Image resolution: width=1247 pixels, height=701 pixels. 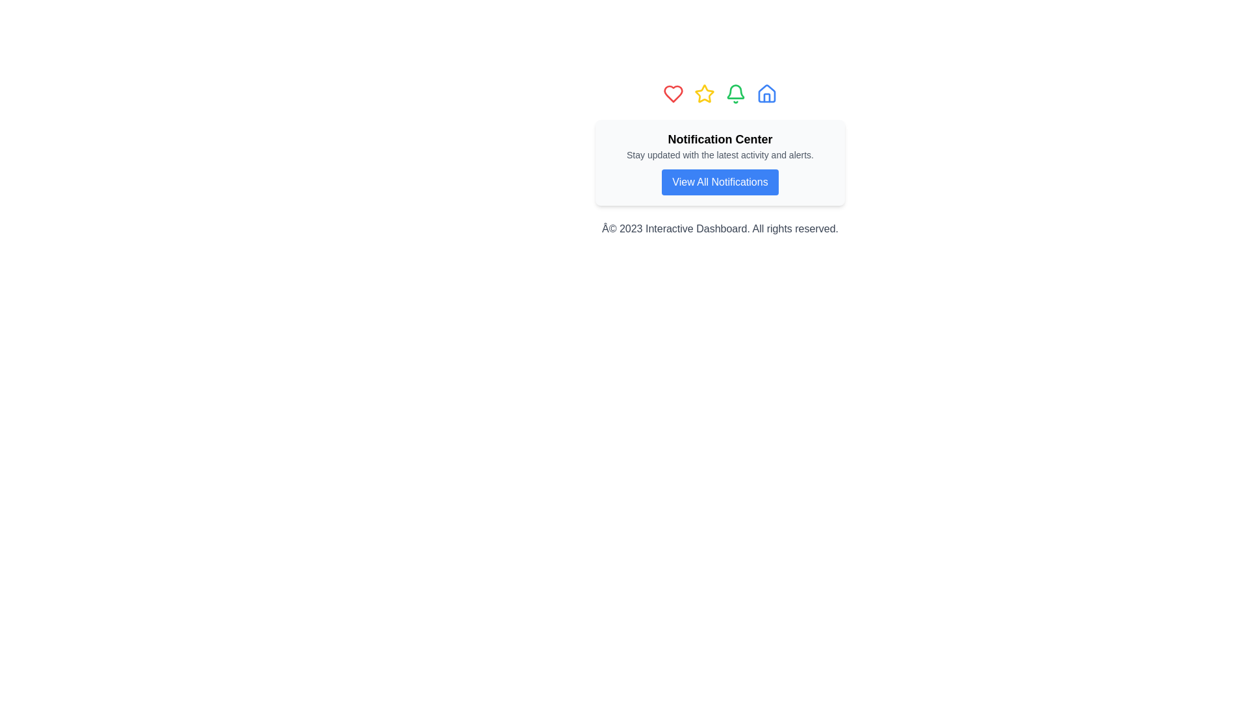 I want to click on the bell icon, which is the fourth item in a row of five icons, so click(x=735, y=93).